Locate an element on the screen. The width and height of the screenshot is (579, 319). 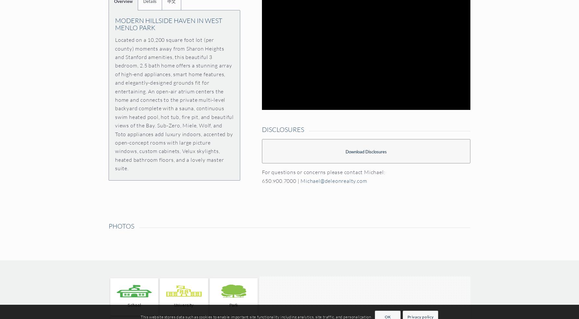
'Download Disclosures' is located at coordinates (366, 151).